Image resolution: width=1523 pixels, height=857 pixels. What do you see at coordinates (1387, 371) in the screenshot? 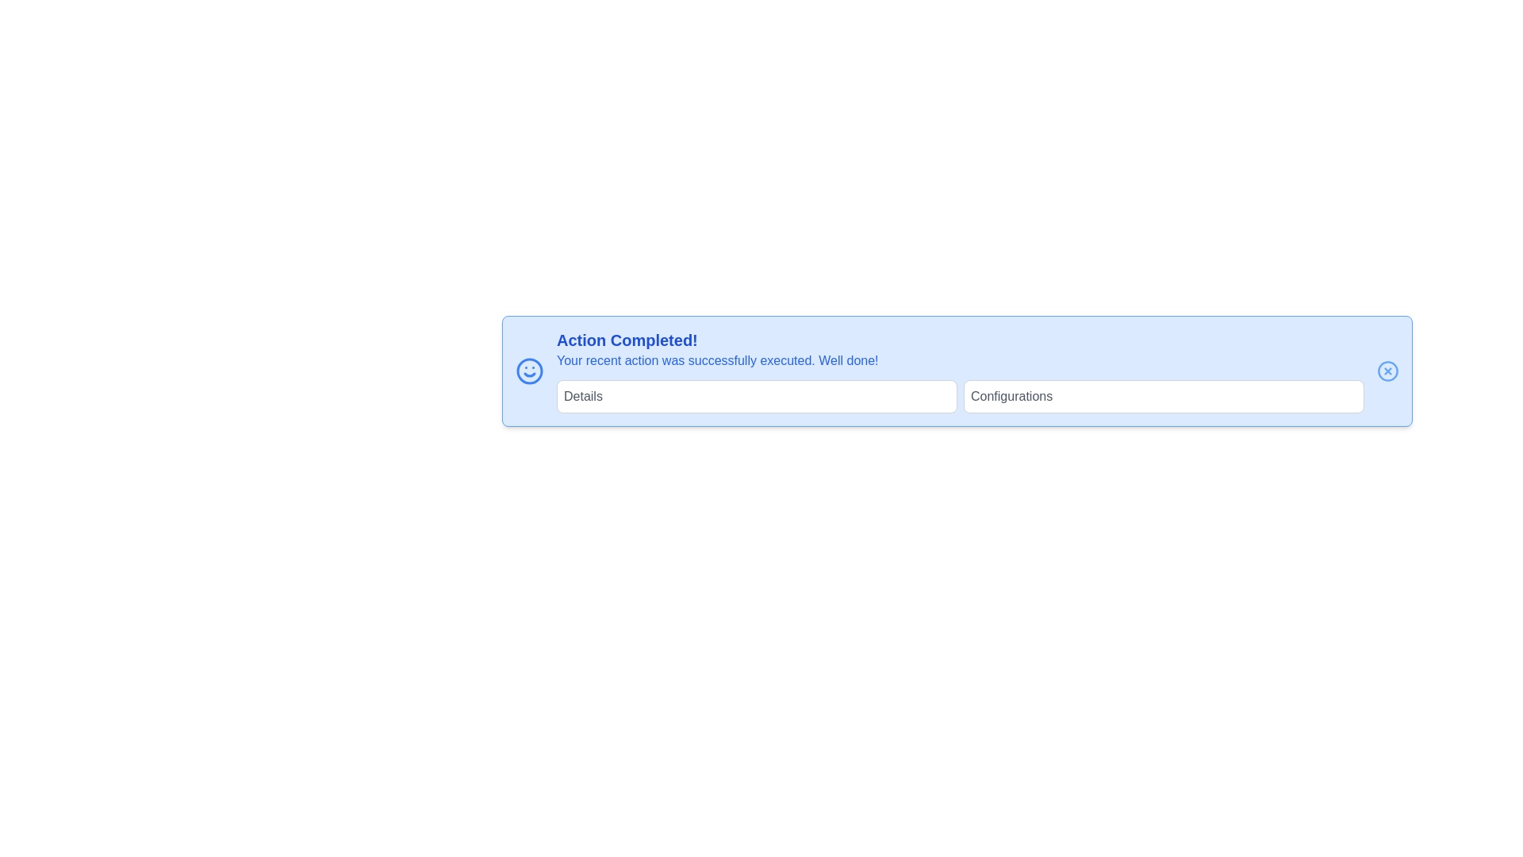
I see `close button on the EnhancedAlert component` at bounding box center [1387, 371].